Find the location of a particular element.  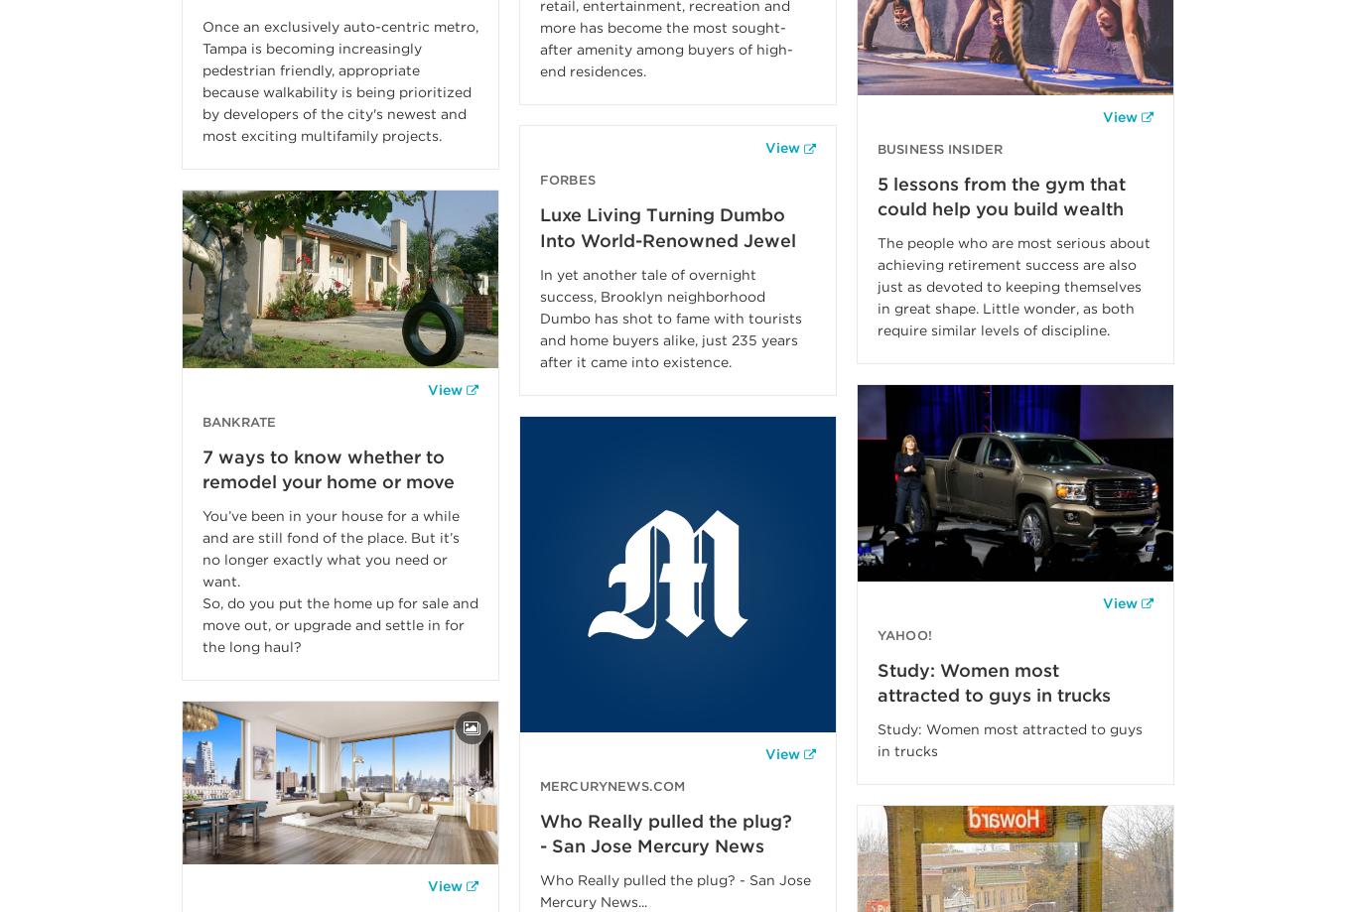

'Who Really pulled the plug? - San Jose Mercury News' is located at coordinates (664, 831).